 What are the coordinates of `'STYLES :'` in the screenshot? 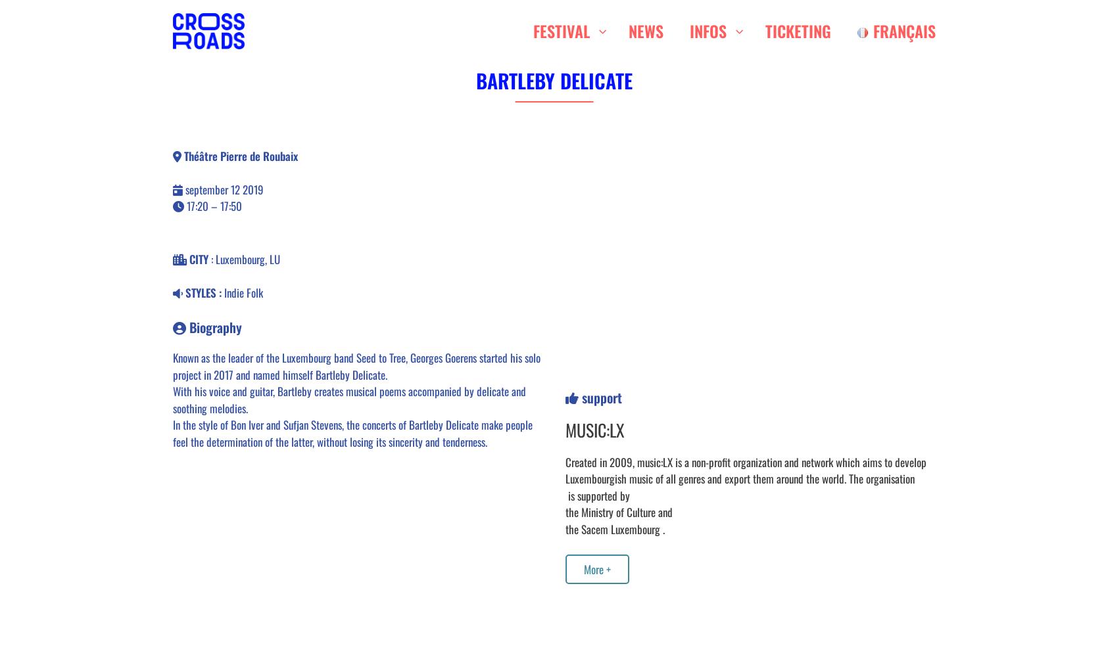 It's located at (203, 292).